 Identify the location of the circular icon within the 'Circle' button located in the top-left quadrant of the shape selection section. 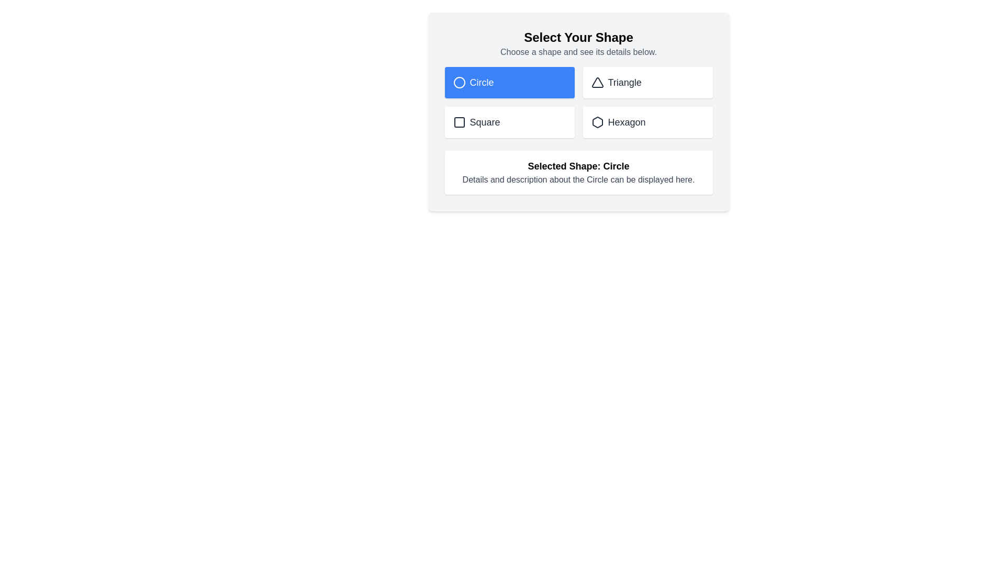
(459, 82).